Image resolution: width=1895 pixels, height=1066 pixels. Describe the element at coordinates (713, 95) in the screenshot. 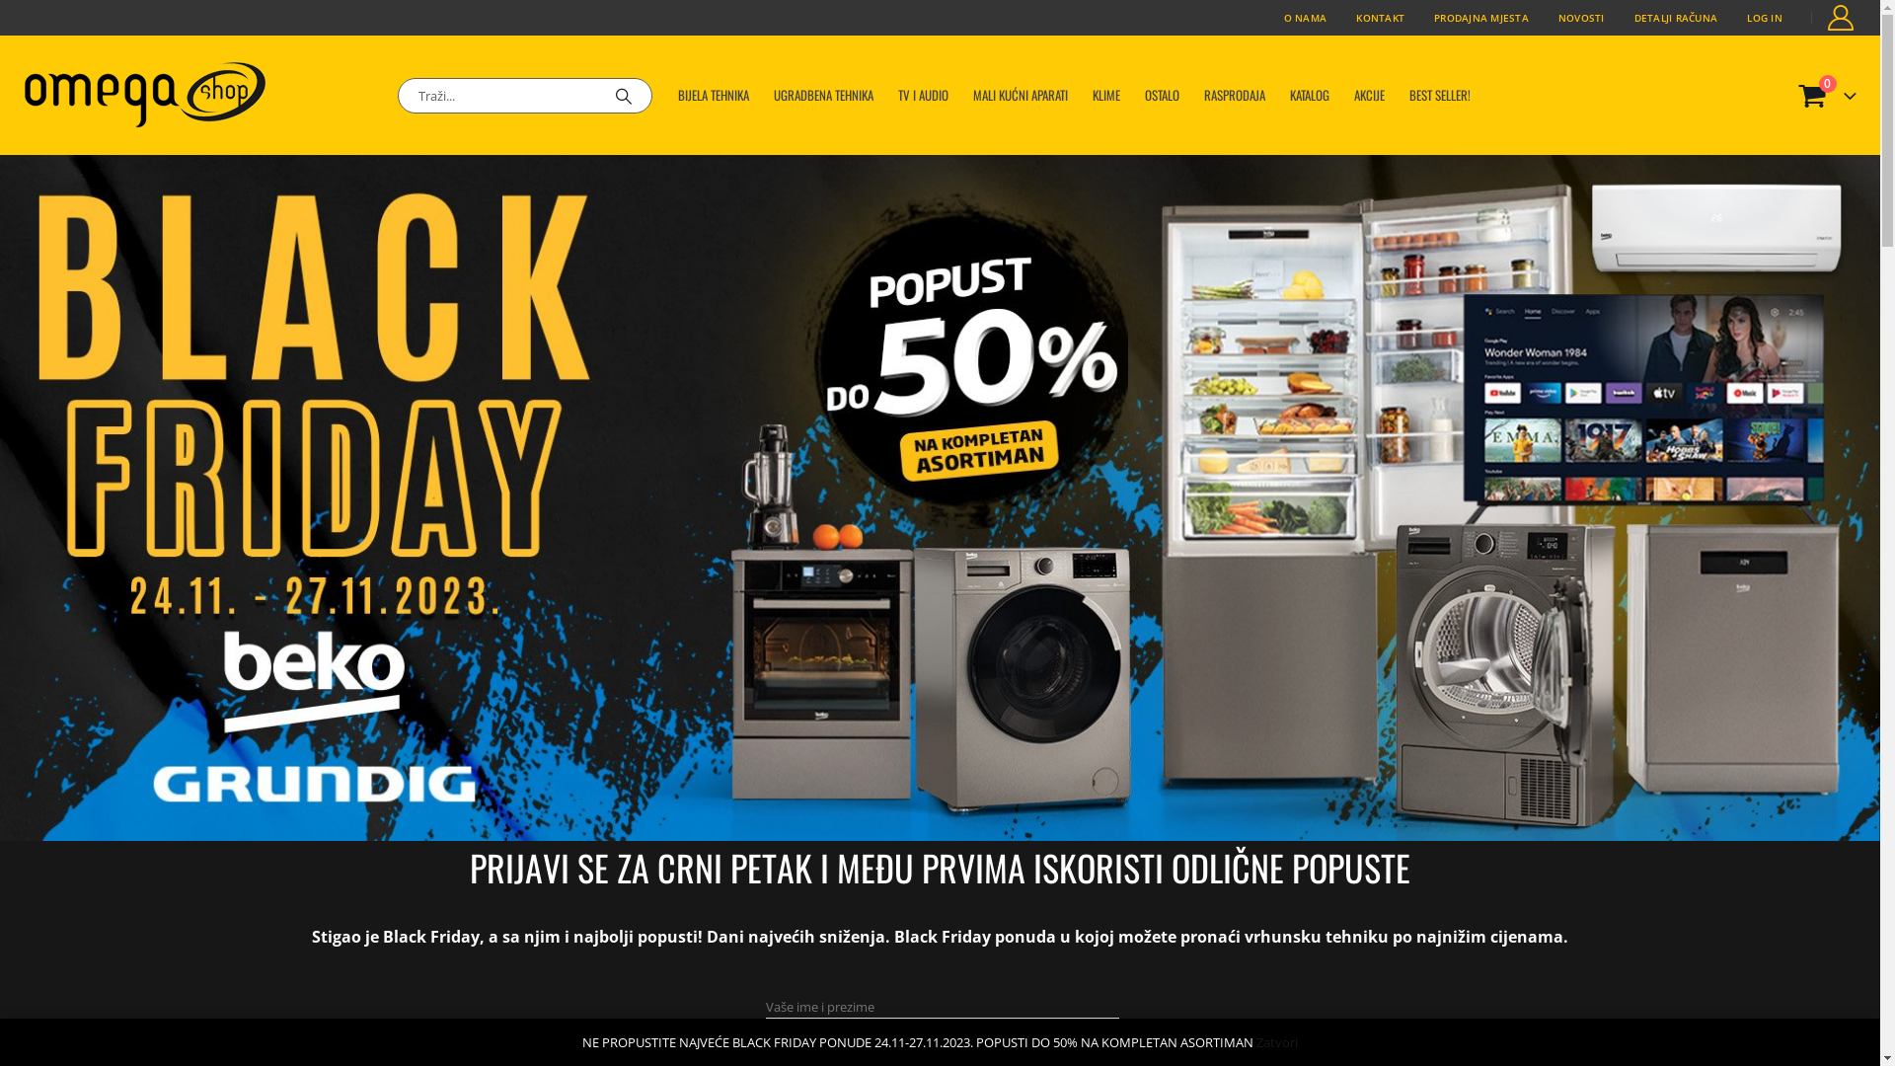

I see `'BIJELA TEHNIKA'` at that location.